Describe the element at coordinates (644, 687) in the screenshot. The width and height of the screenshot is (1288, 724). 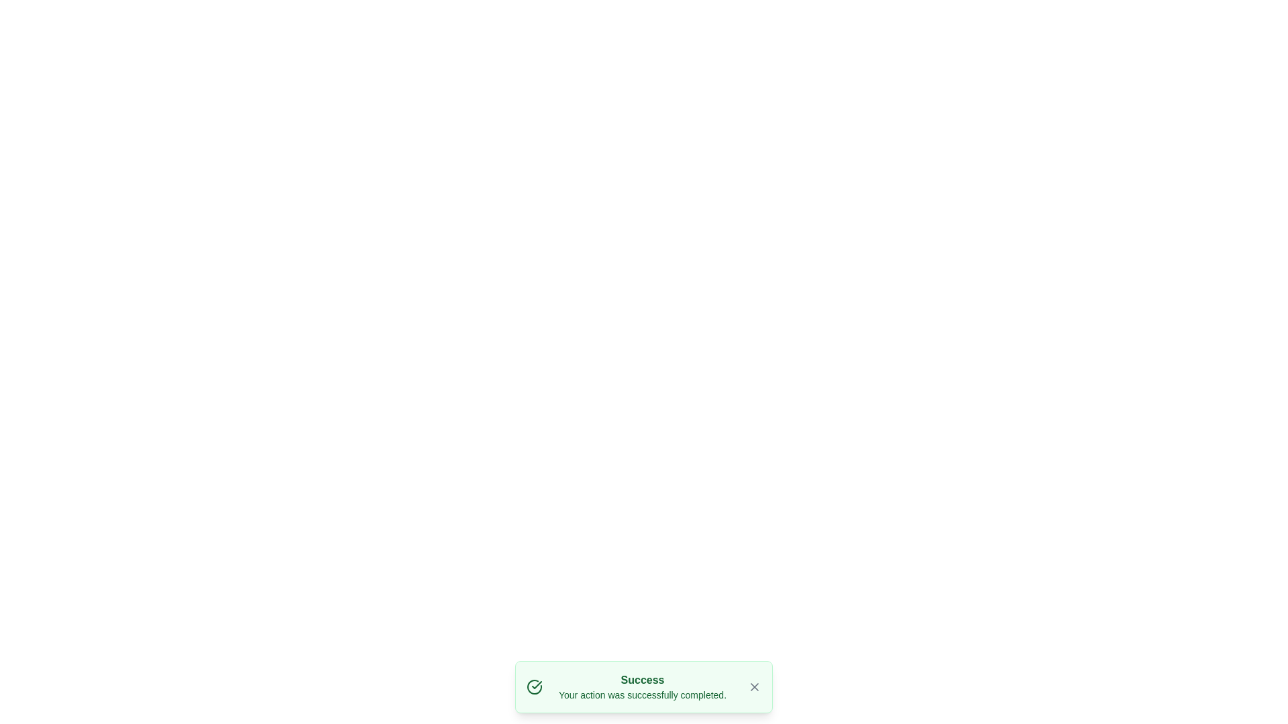
I see `message in the Notification banner, which displays 'Success' and 'Your action was successfully completed.'` at that location.